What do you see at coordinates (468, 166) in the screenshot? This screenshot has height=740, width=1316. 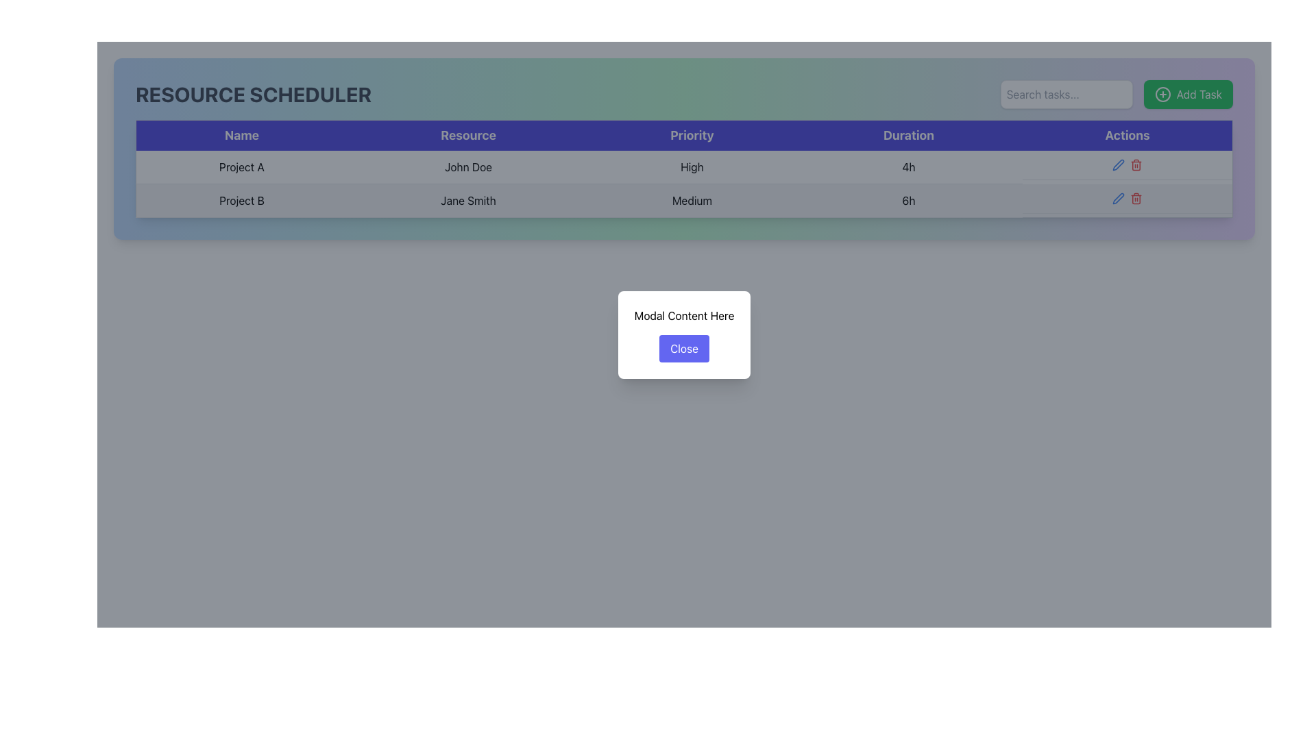 I see `the Text cell displaying 'John Doe' in the second column labeled 'Resource' of the table under the 'Resource Scheduler' header` at bounding box center [468, 166].